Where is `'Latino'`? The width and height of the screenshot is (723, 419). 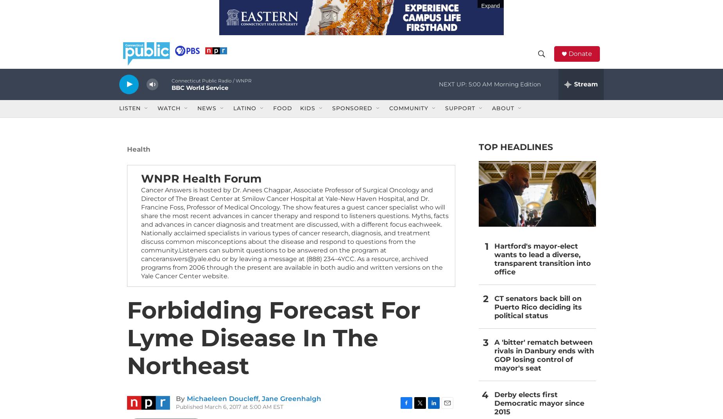
'Latino' is located at coordinates (245, 119).